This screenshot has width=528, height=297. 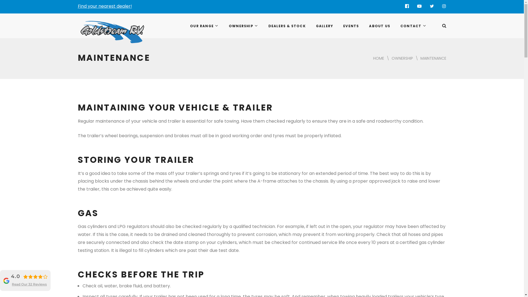 I want to click on 'ABOUT US', so click(x=363, y=26).